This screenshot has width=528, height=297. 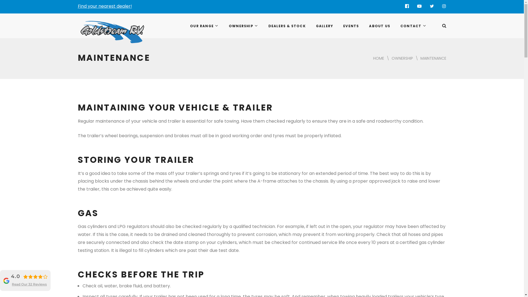 I want to click on 'ABOUT US', so click(x=363, y=26).